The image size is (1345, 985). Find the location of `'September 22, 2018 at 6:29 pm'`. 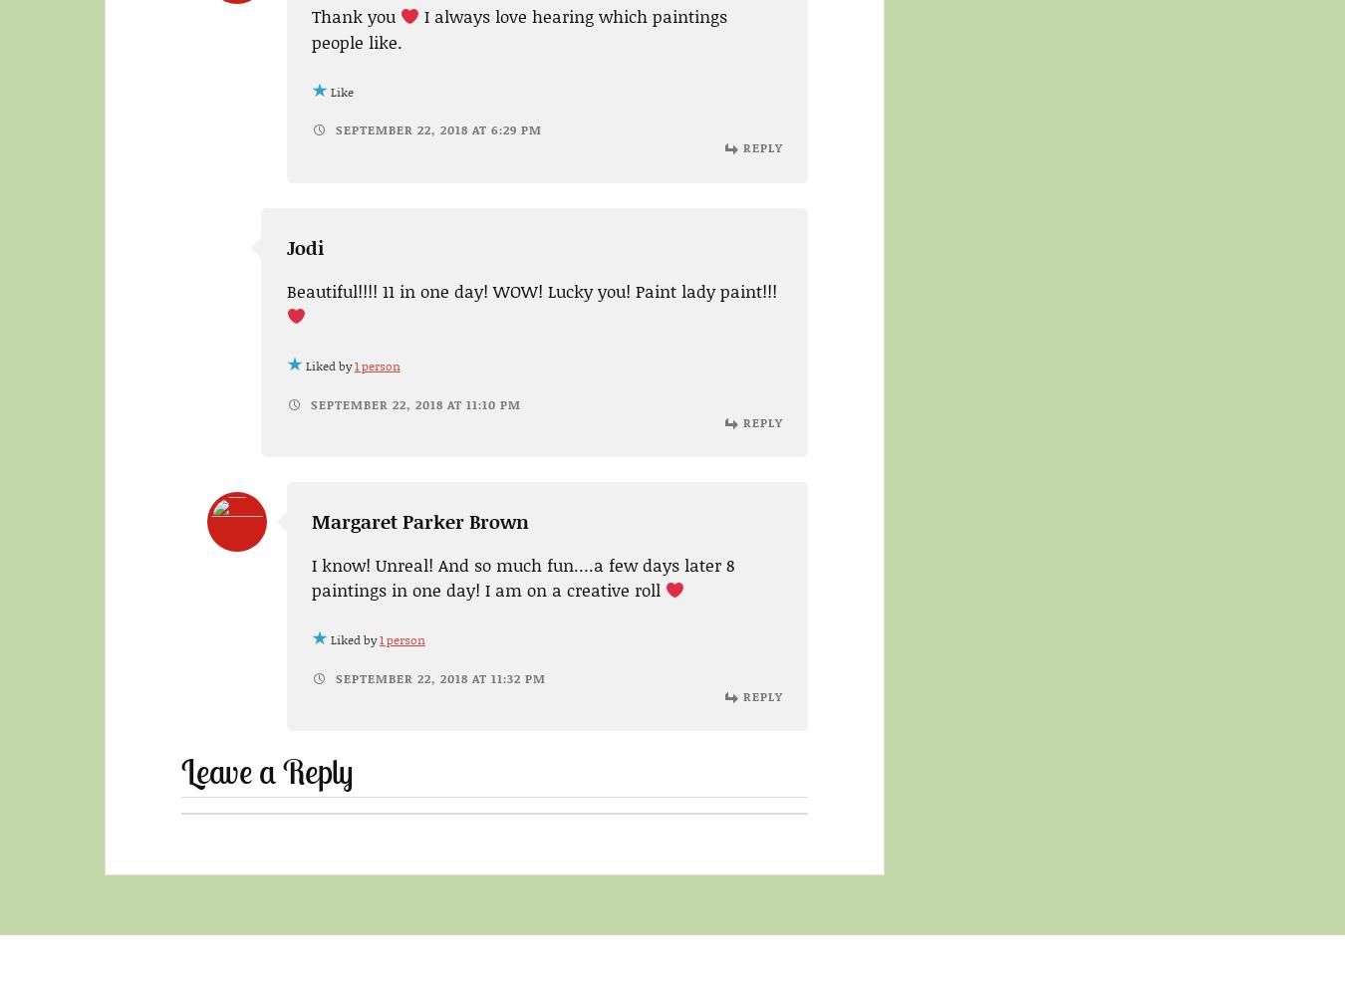

'September 22, 2018 at 6:29 pm' is located at coordinates (436, 128).